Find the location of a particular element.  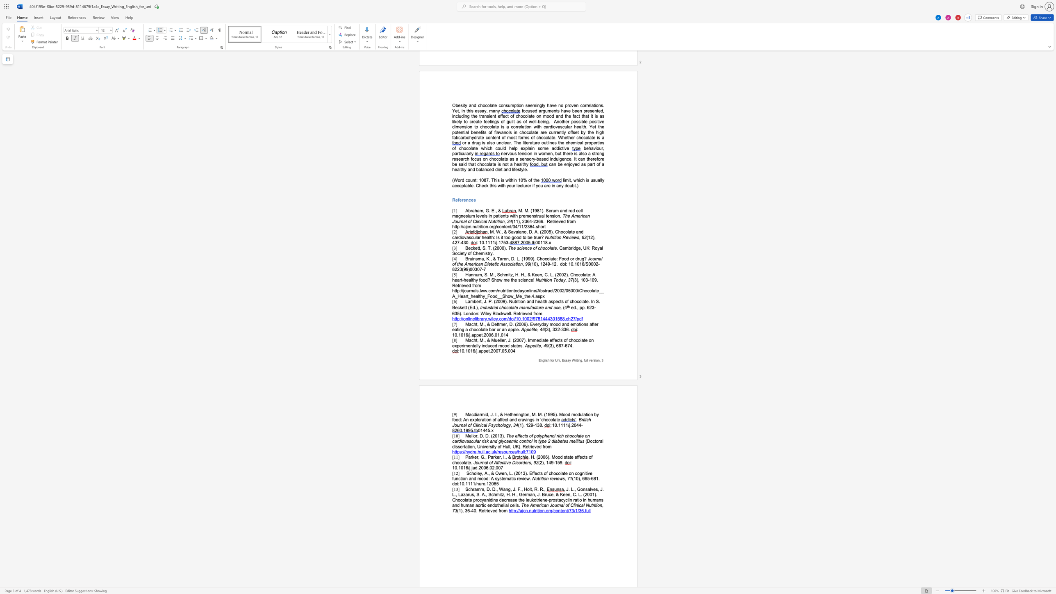

the space between the continuous character "j" and "." in the text is located at coordinates (470, 467).